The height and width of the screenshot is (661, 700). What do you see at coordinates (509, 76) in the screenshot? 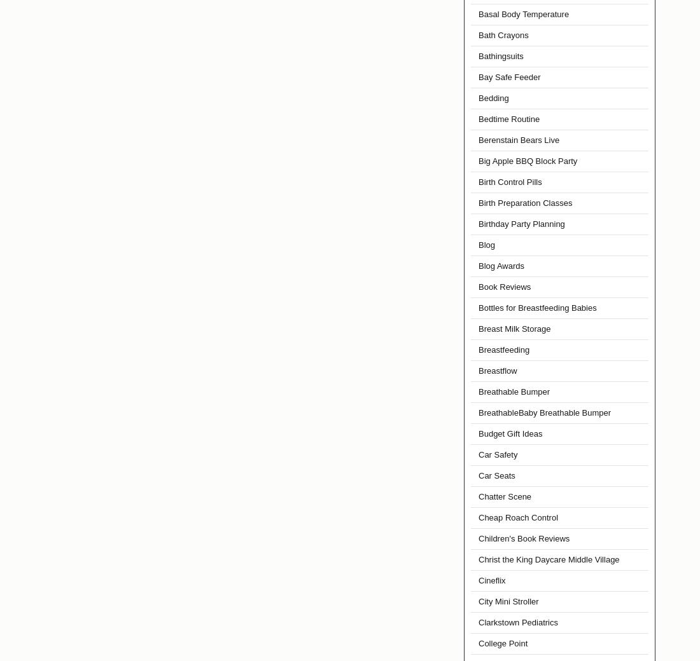
I see `'Bay Safe Feeder'` at bounding box center [509, 76].